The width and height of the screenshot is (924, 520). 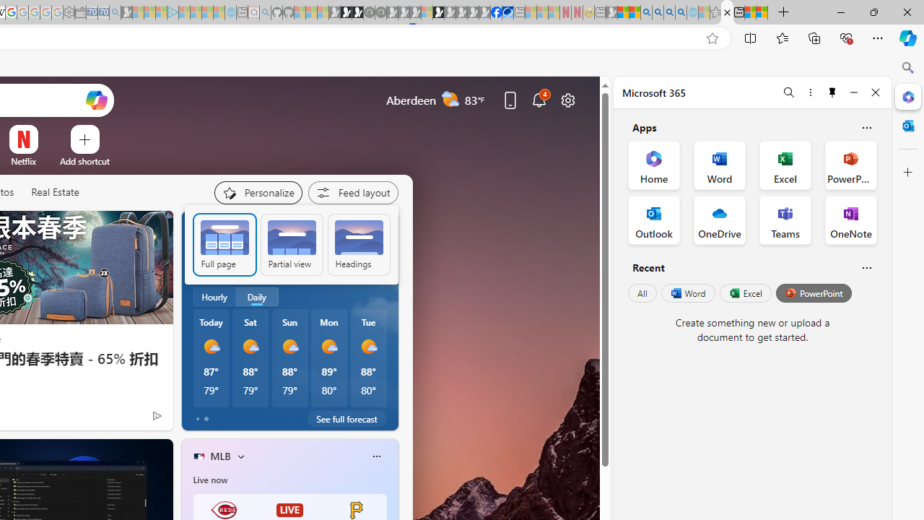 I want to click on 'MLB', so click(x=219, y=456).